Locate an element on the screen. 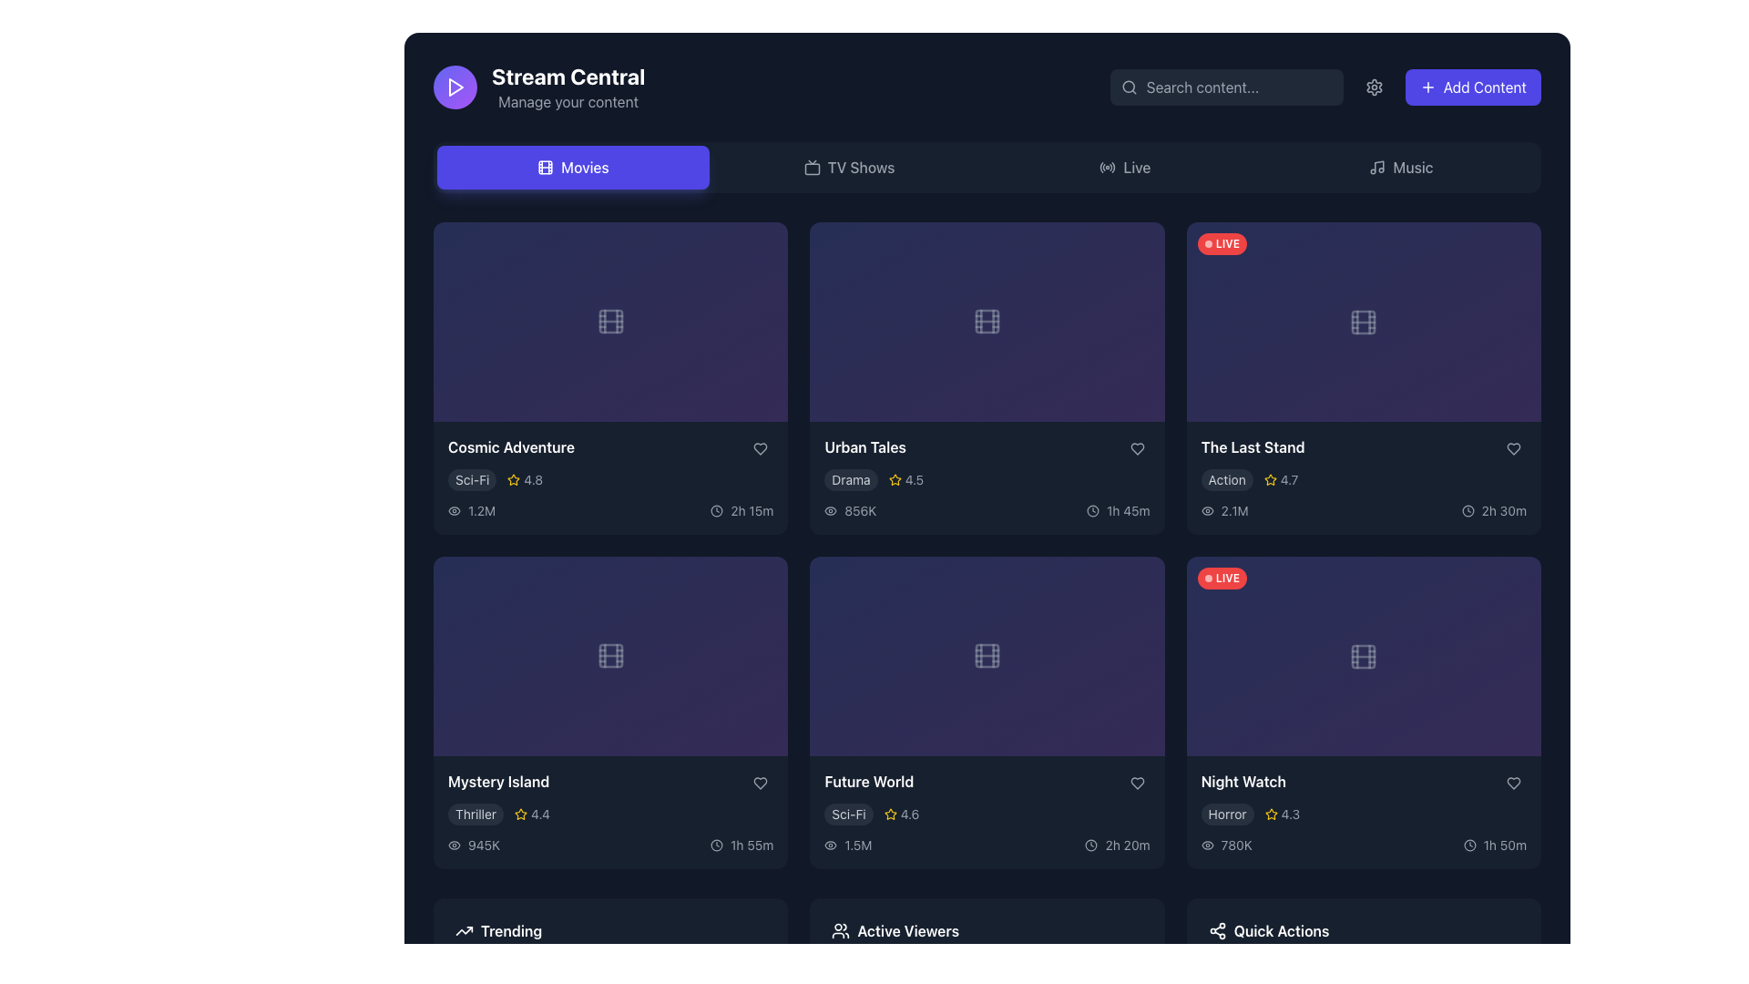 This screenshot has height=984, width=1749. the plus icon embedded in the 'Add Content' button located at the top-right corner of the interface is located at coordinates (1427, 87).